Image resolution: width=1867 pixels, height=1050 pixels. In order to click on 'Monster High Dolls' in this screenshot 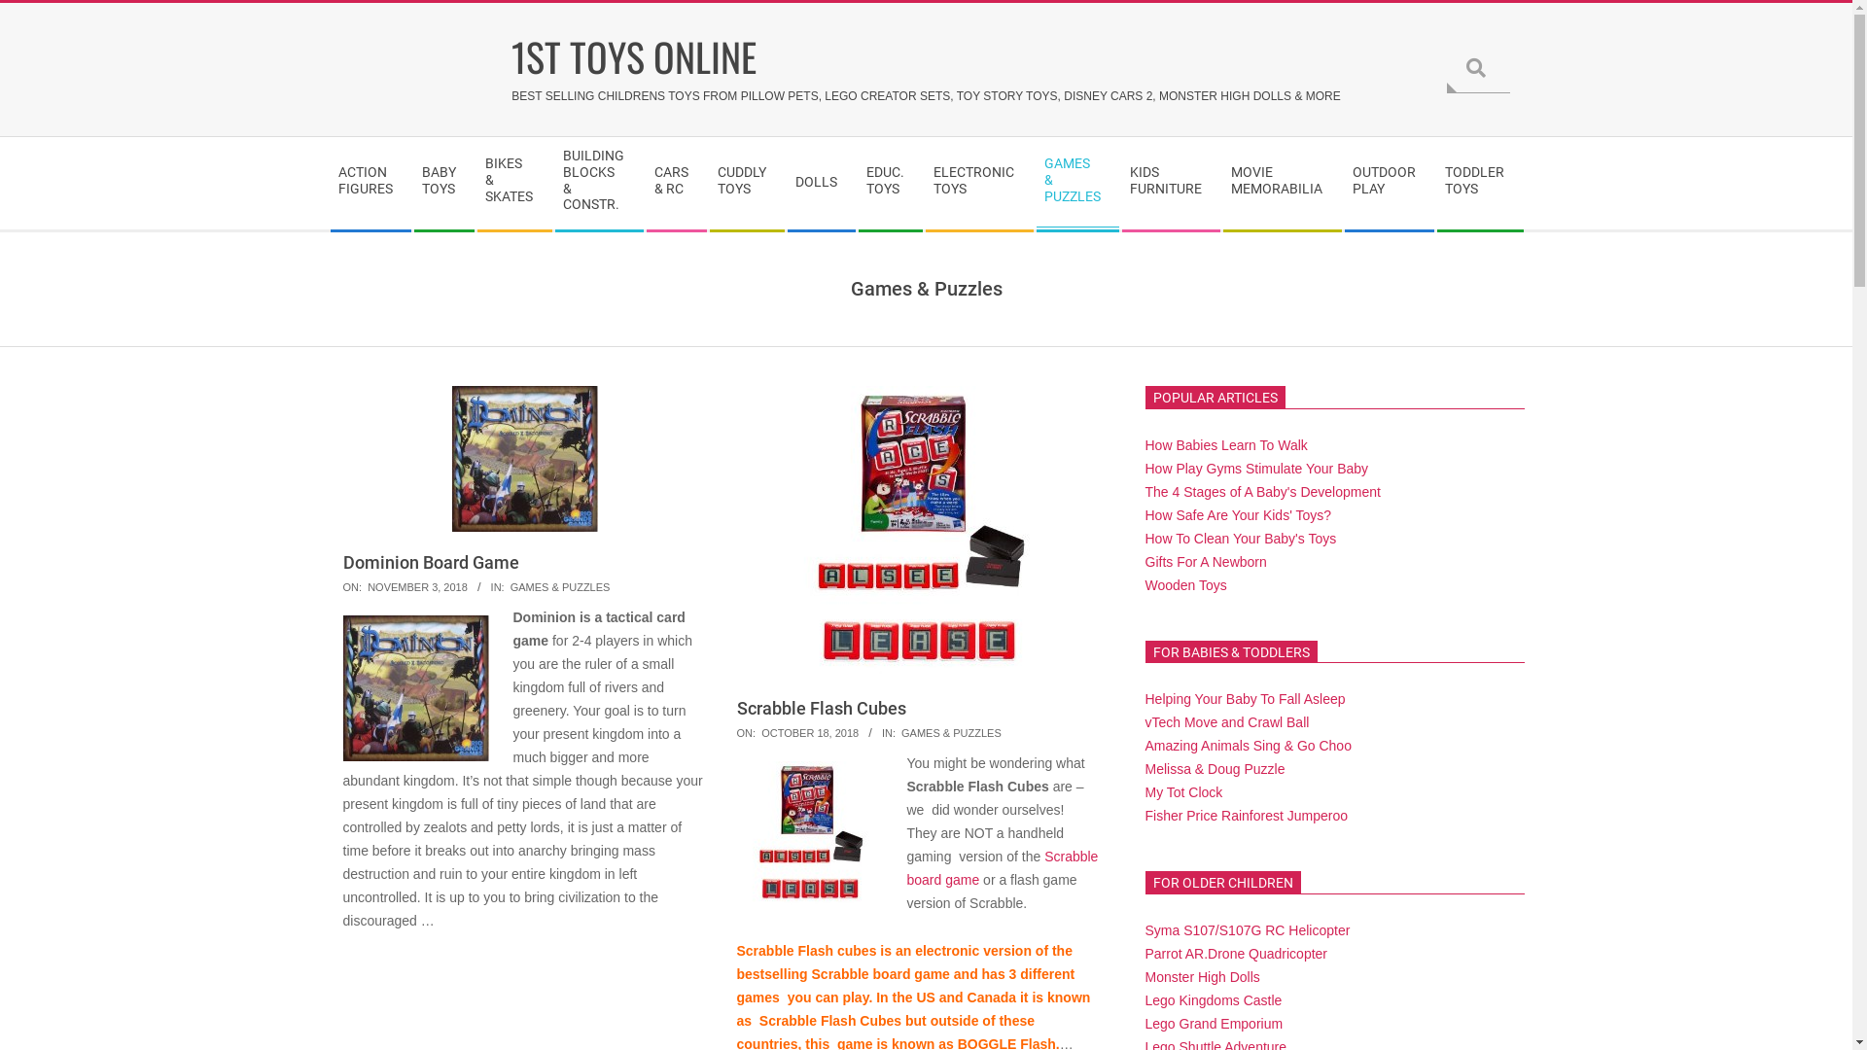, I will do `click(1202, 977)`.